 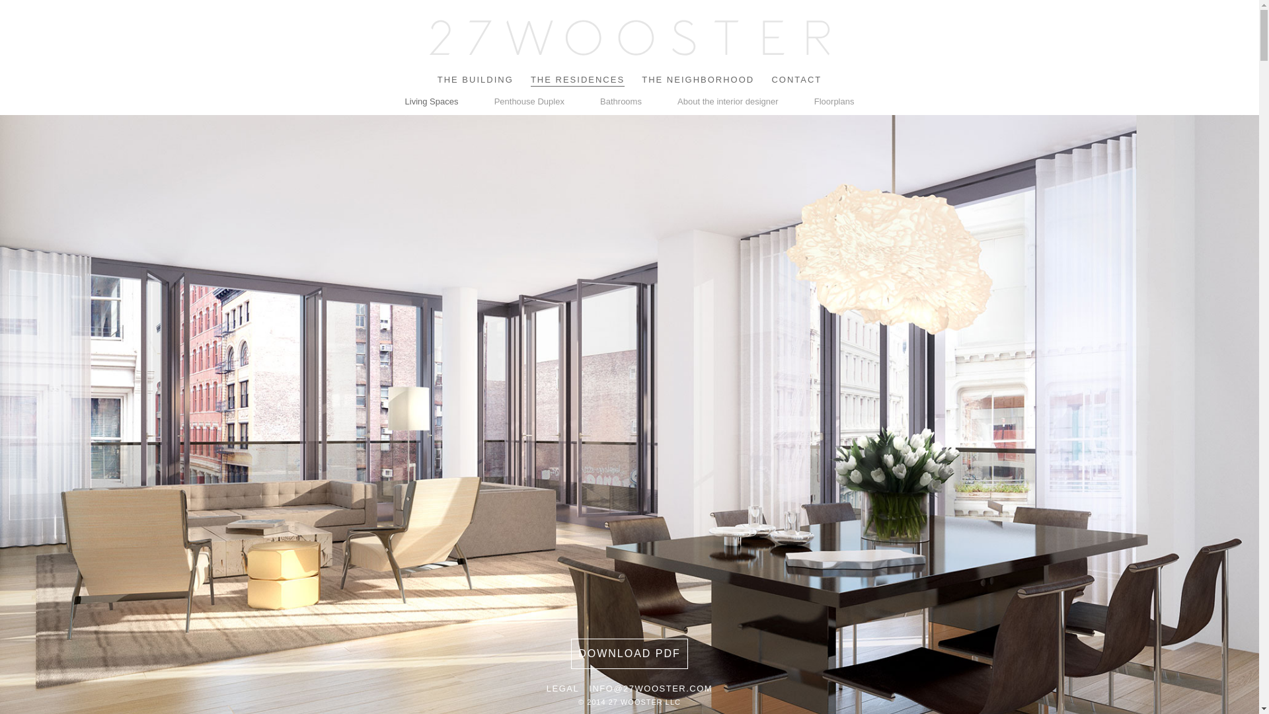 What do you see at coordinates (833, 100) in the screenshot?
I see `'Floorplans'` at bounding box center [833, 100].